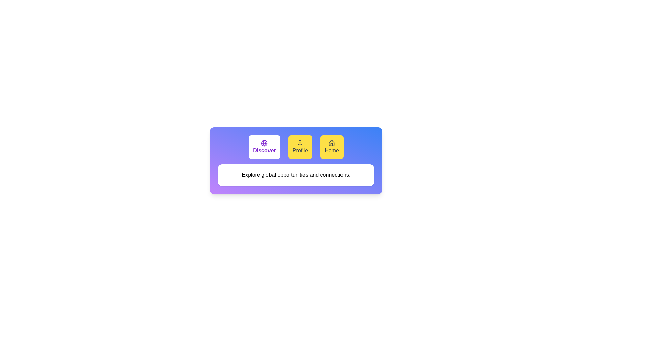 The image size is (646, 363). I want to click on the 'Discover' button, so click(264, 147).